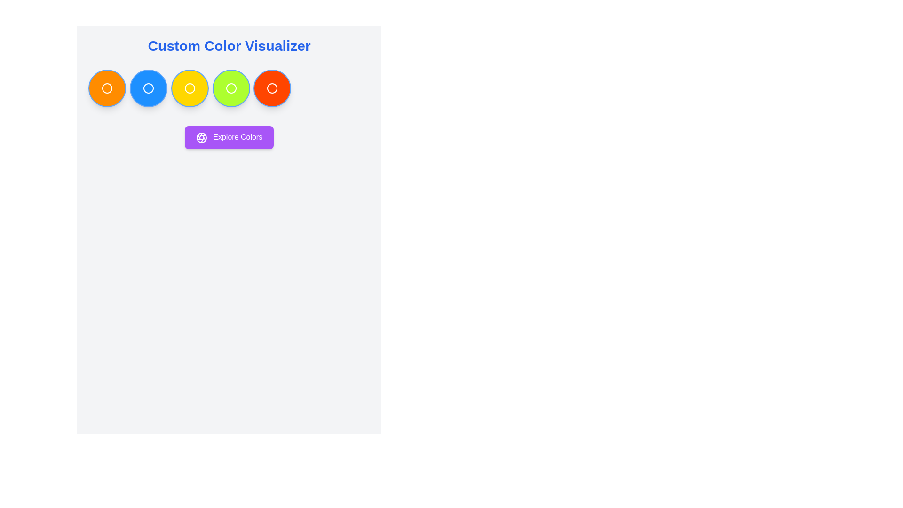 This screenshot has height=508, width=903. I want to click on the icon located at the center of the third circular button in a row of five buttons below the header text 'Custom Color Visualizer', so click(189, 88).